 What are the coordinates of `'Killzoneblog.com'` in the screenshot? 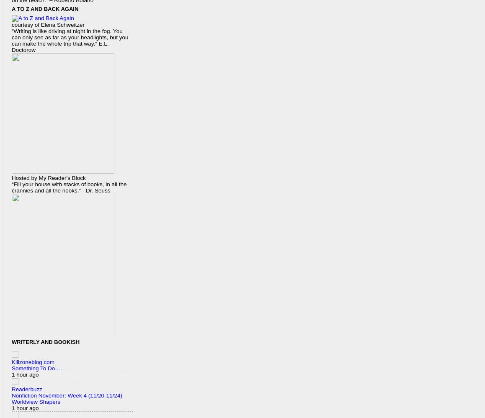 It's located at (33, 361).